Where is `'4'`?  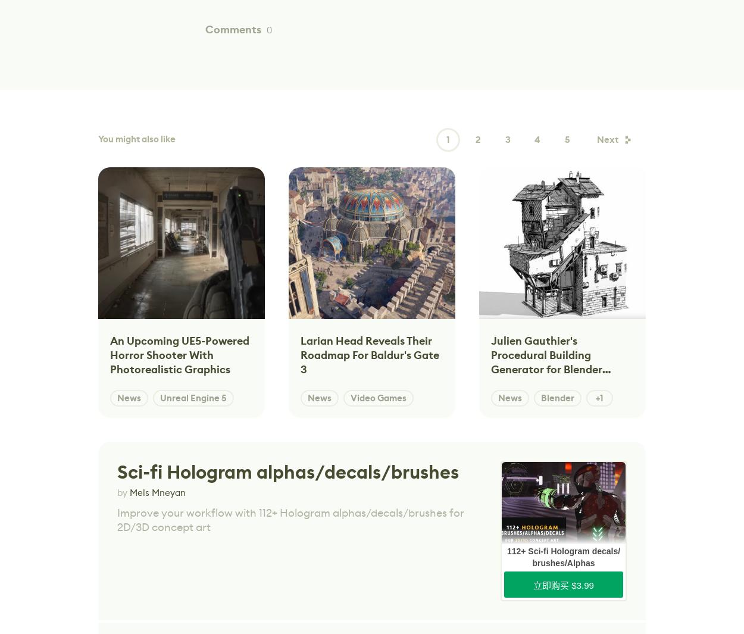 '4' is located at coordinates (537, 139).